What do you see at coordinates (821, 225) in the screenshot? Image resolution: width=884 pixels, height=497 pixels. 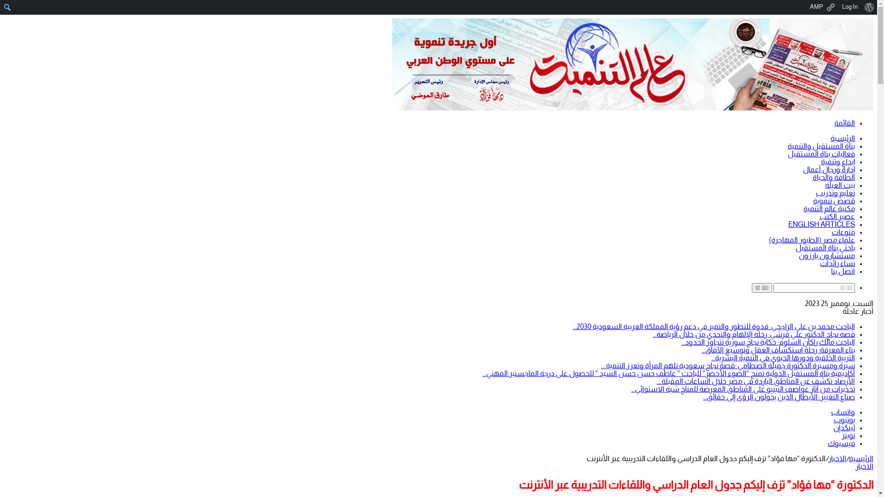 I see `'ENGLISH ARTICLES'` at bounding box center [821, 225].